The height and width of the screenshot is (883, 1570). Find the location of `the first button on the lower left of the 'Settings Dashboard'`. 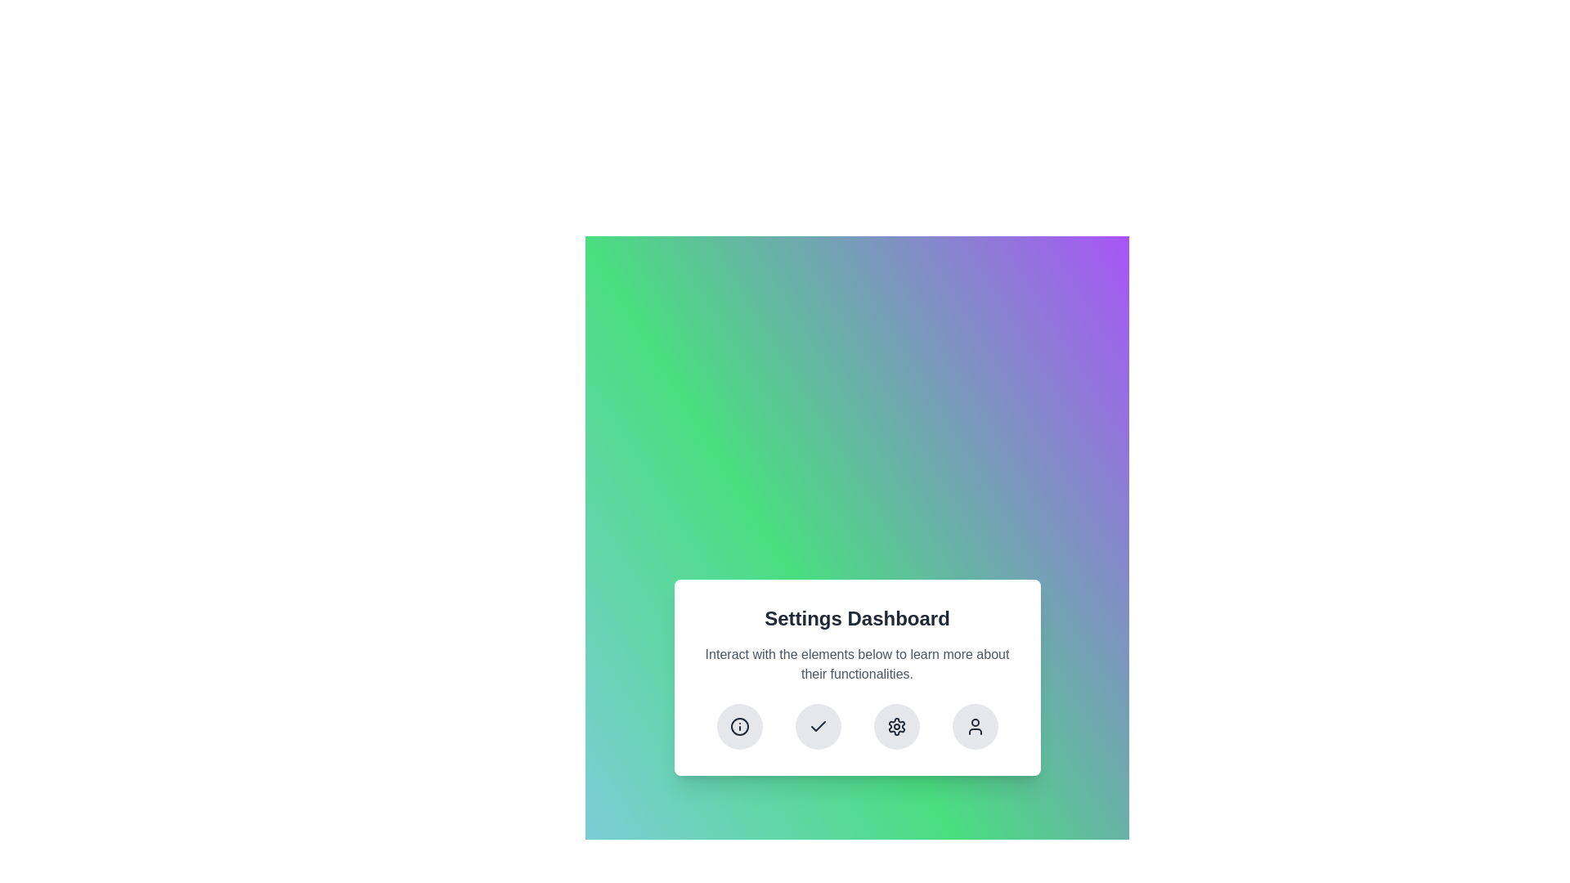

the first button on the lower left of the 'Settings Dashboard' is located at coordinates (738, 725).